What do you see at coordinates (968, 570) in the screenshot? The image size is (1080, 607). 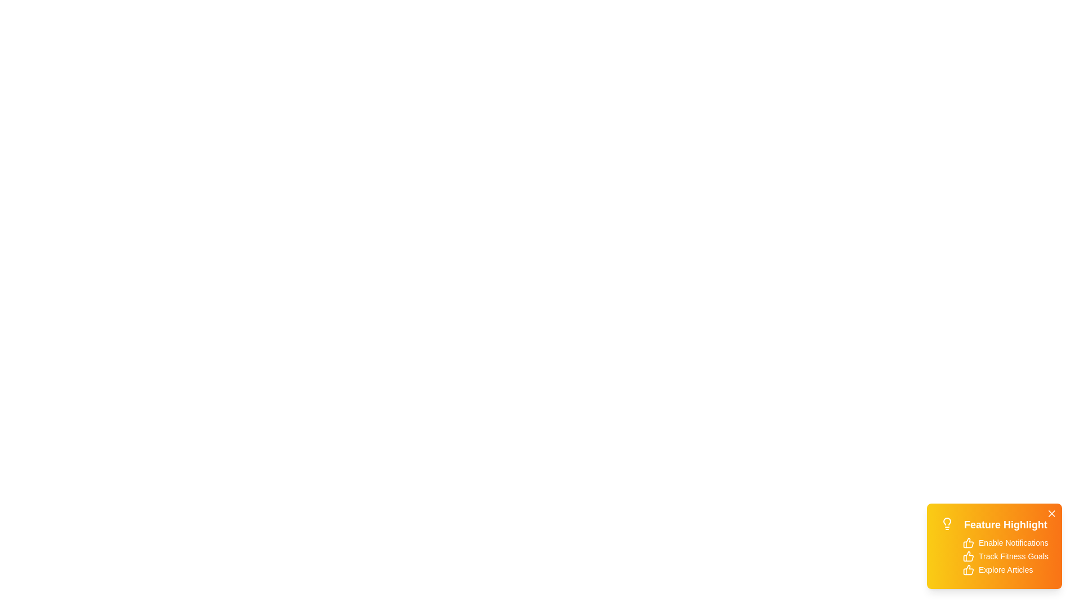 I see `the suggestion Explore Articles to view its tooltip or effect` at bounding box center [968, 570].